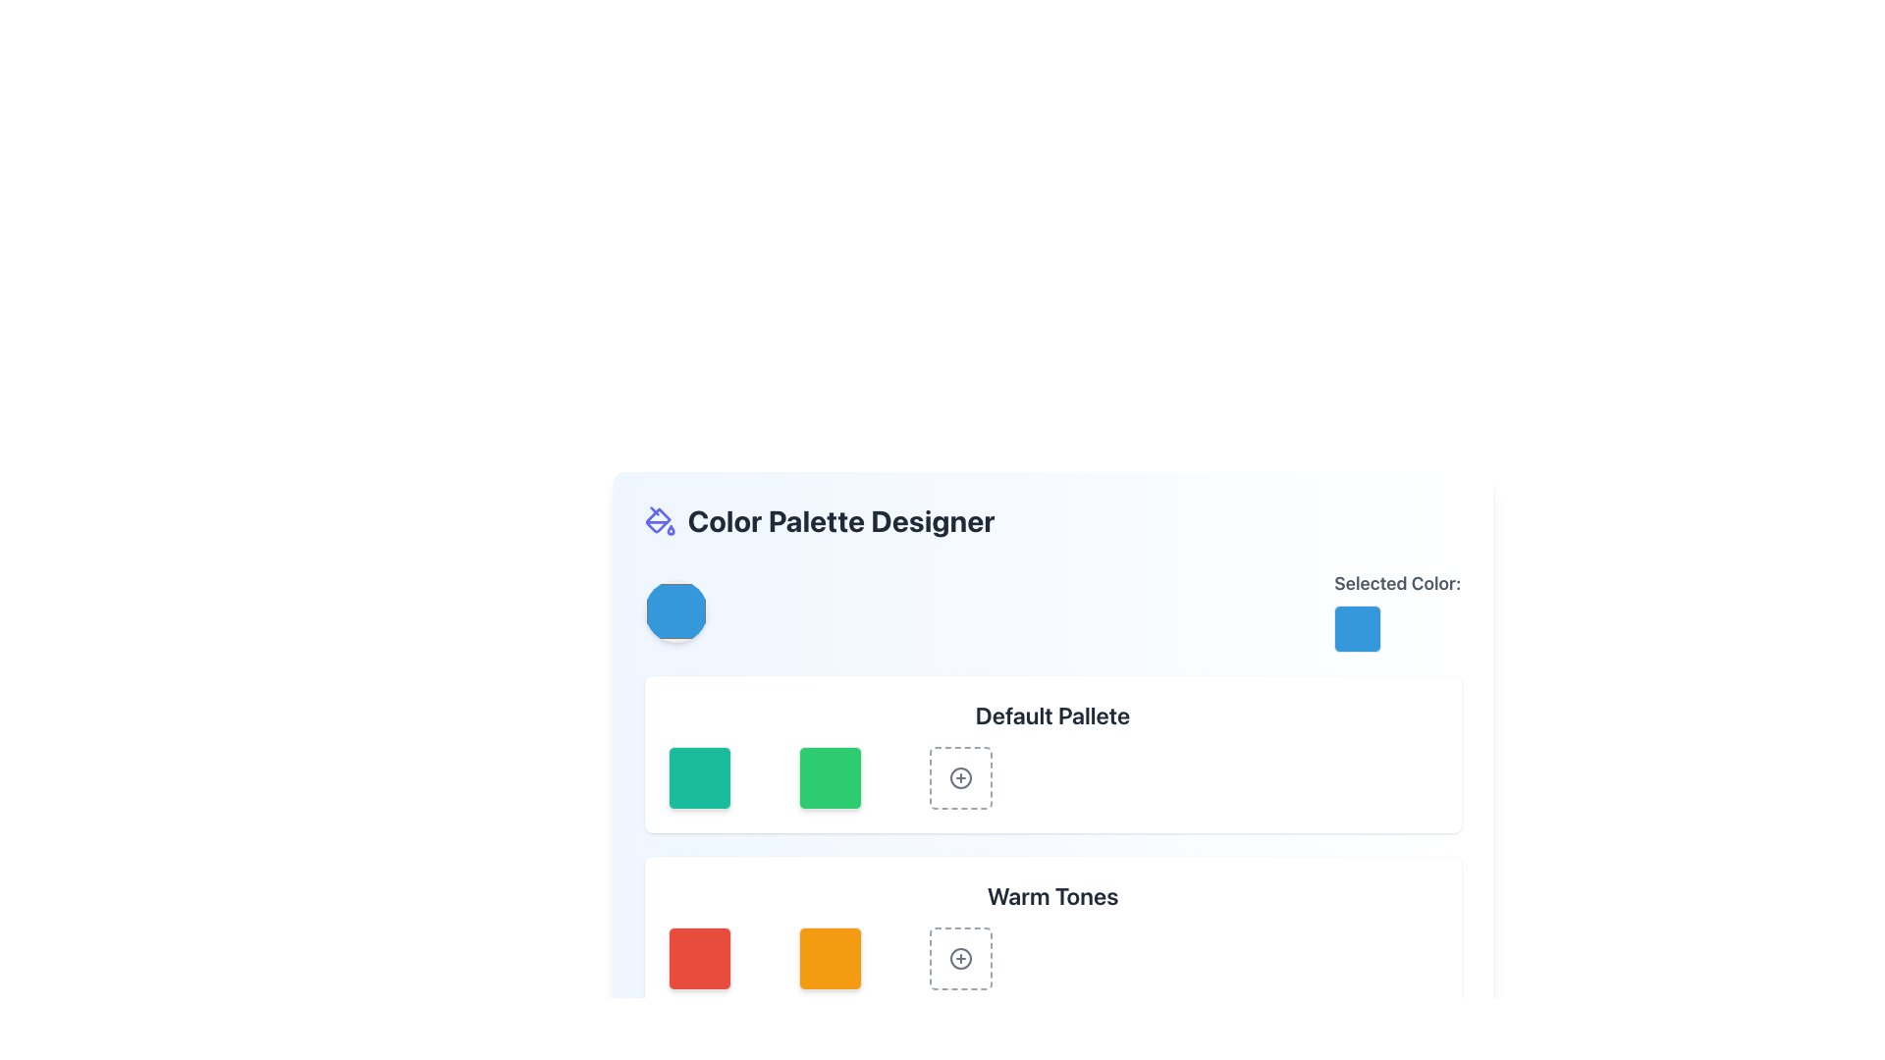  I want to click on the third button in the row under the 'Default Palette' label, so click(961, 777).